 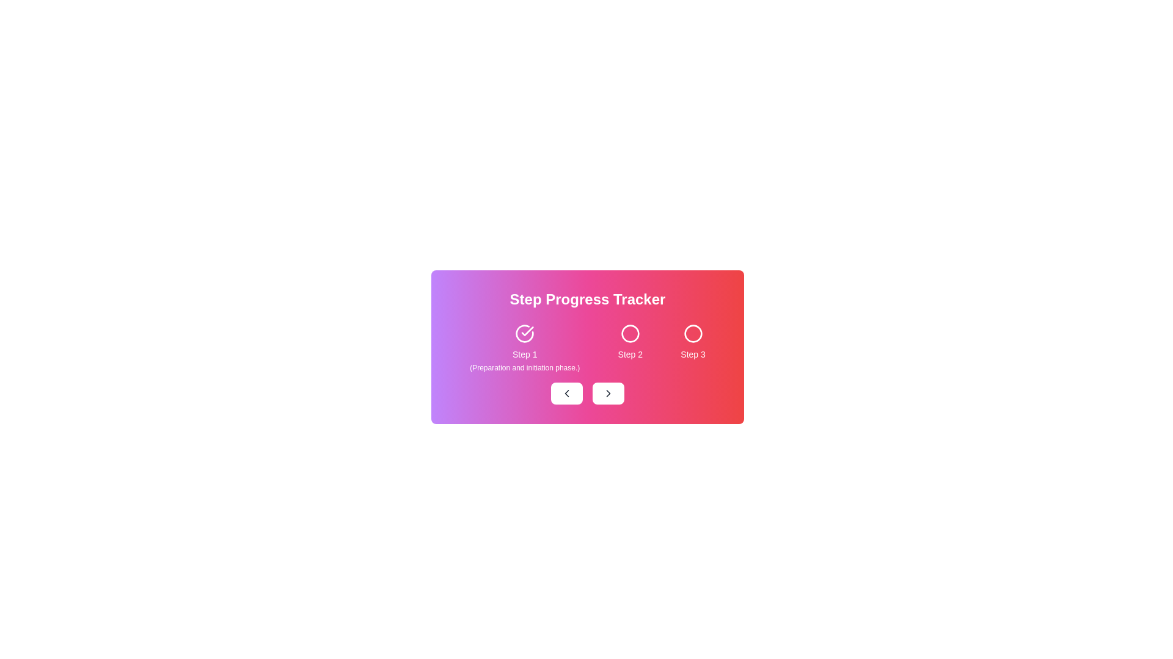 I want to click on the Text Label indicating the third step in the progress indicator, positioned below the circle icon in the vertical sequence, so click(x=693, y=355).